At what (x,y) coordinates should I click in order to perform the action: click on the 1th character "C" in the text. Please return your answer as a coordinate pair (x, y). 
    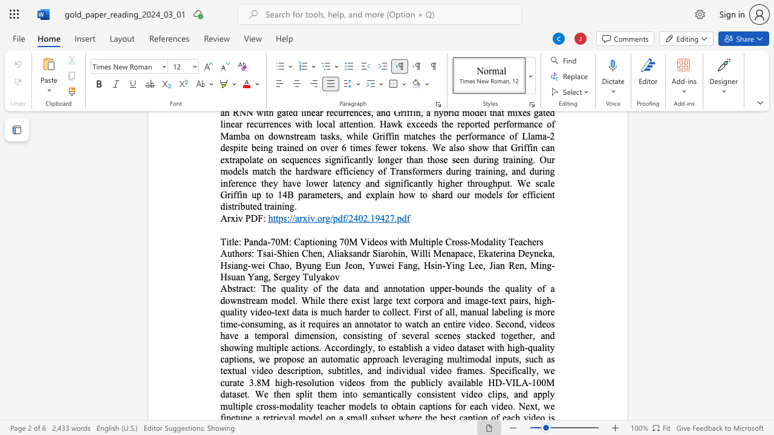
    Looking at the image, I should click on (305, 253).